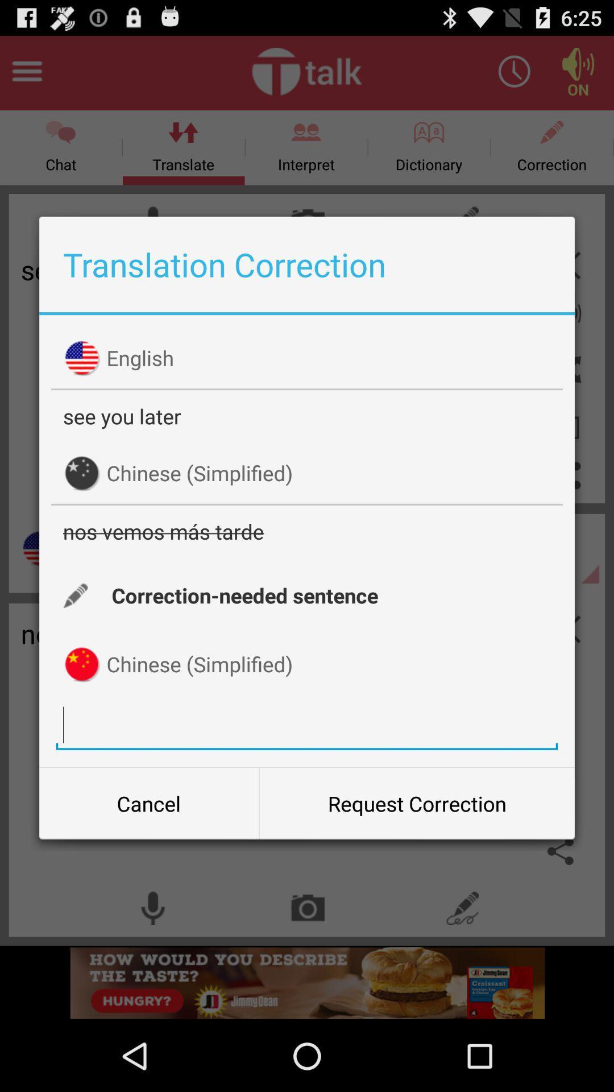 The image size is (614, 1092). I want to click on translation box, so click(307, 724).